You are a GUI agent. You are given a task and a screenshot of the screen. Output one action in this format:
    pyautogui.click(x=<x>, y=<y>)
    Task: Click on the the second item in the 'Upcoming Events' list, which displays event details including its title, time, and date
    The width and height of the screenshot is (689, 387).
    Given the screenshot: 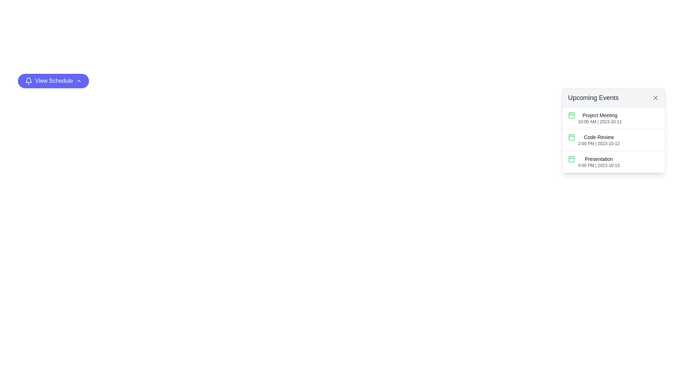 What is the action you would take?
    pyautogui.click(x=613, y=139)
    